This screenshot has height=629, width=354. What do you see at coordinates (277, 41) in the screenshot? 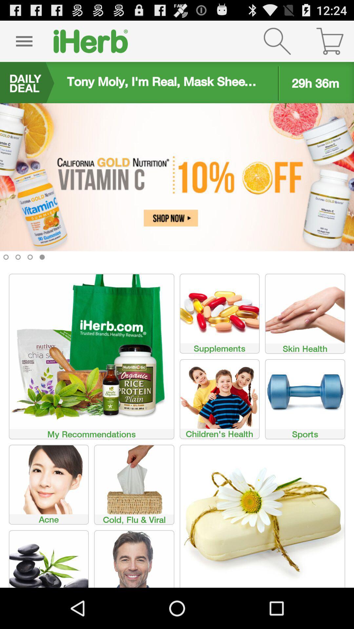
I see `search` at bounding box center [277, 41].